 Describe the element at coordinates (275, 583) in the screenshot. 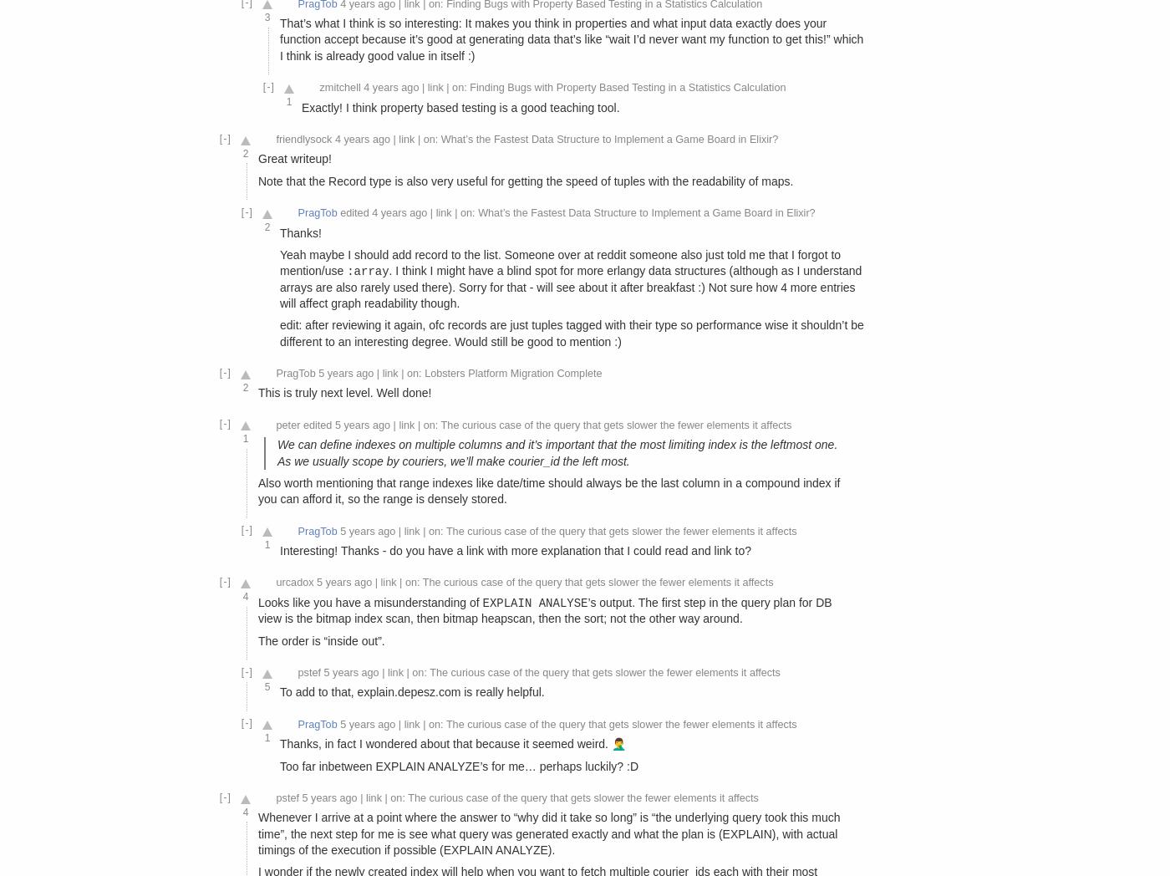

I see `'urcadox'` at that location.